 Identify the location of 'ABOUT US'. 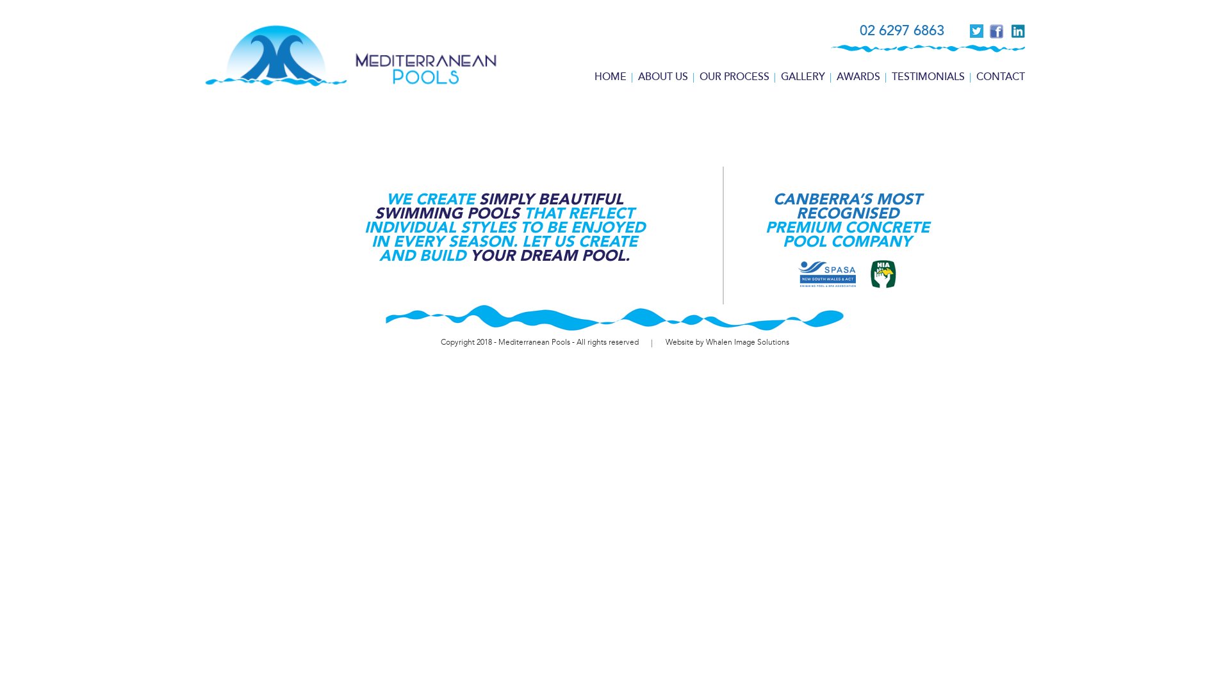
(663, 76).